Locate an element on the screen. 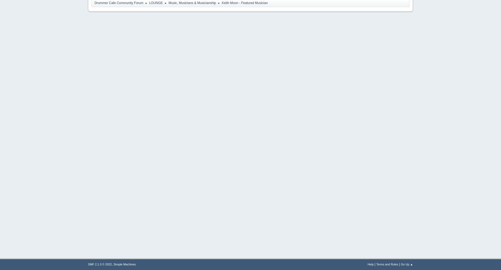  'Simple Machines' is located at coordinates (124, 264).